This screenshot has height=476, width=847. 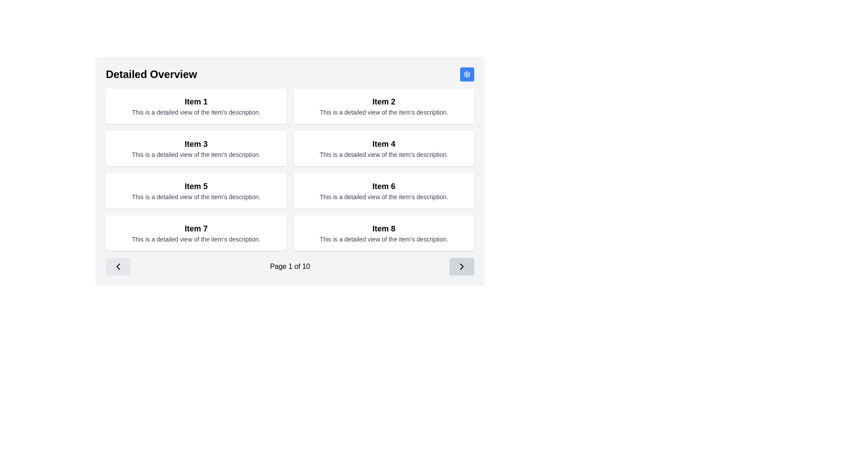 I want to click on to select the Informative card titled 'Item 3', which has a white background and rounded corners, located in the third position of the grid layout, so click(x=195, y=148).